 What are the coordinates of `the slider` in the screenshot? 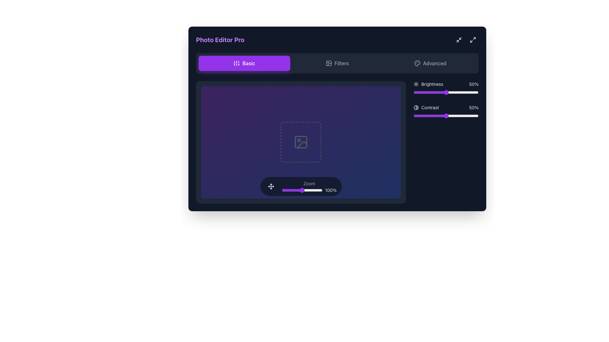 It's located at (436, 116).